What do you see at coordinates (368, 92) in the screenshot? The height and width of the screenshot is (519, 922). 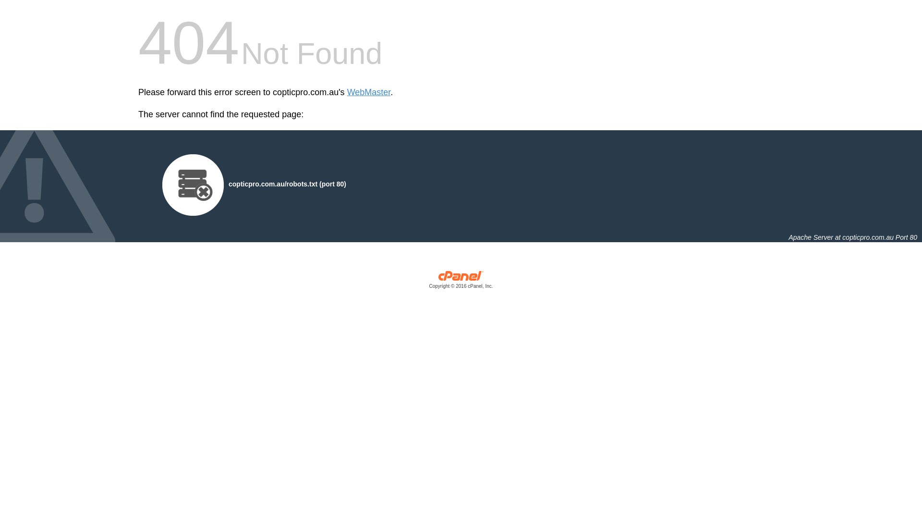 I see `'WebMaster'` at bounding box center [368, 92].